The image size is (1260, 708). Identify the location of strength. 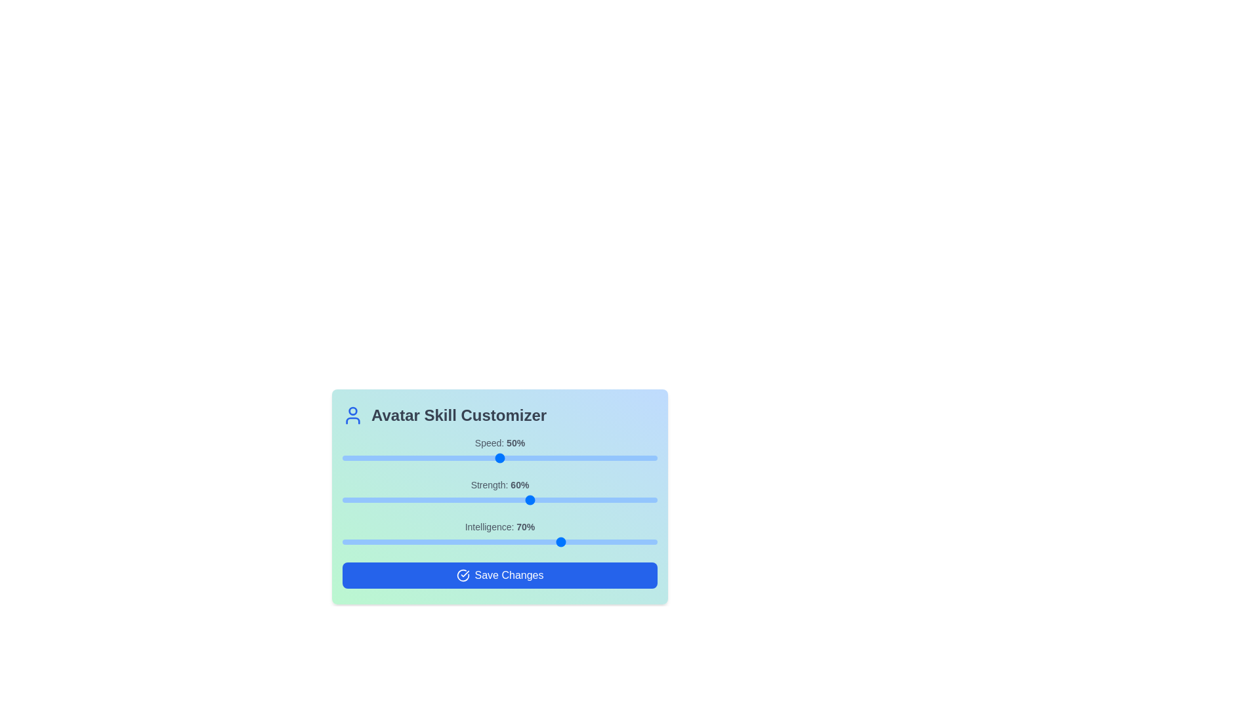
(345, 500).